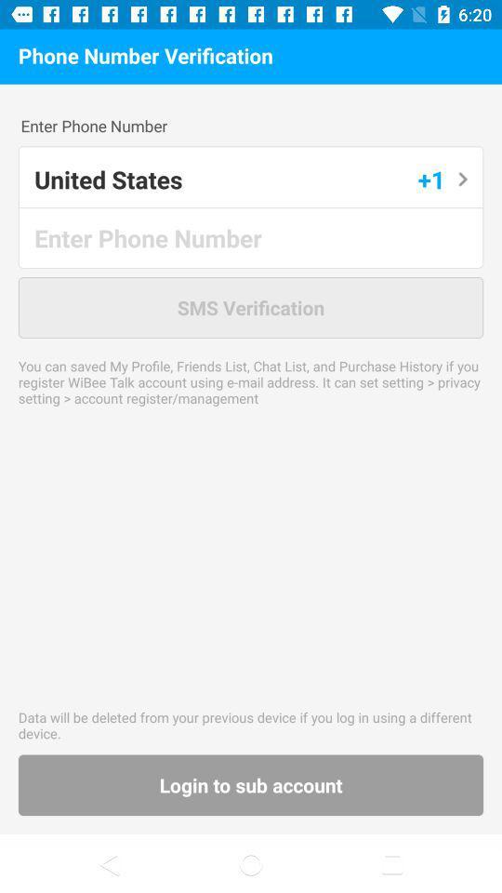  What do you see at coordinates (251, 307) in the screenshot?
I see `item above the you can saved app` at bounding box center [251, 307].